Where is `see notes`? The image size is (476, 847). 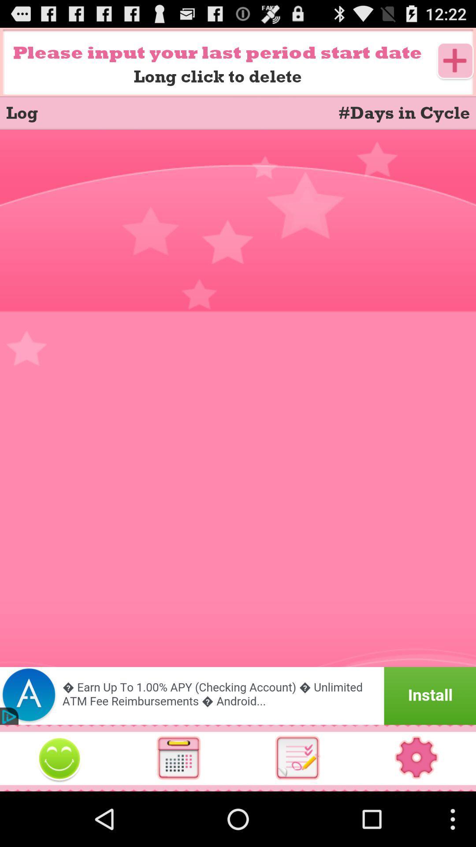 see notes is located at coordinates (297, 757).